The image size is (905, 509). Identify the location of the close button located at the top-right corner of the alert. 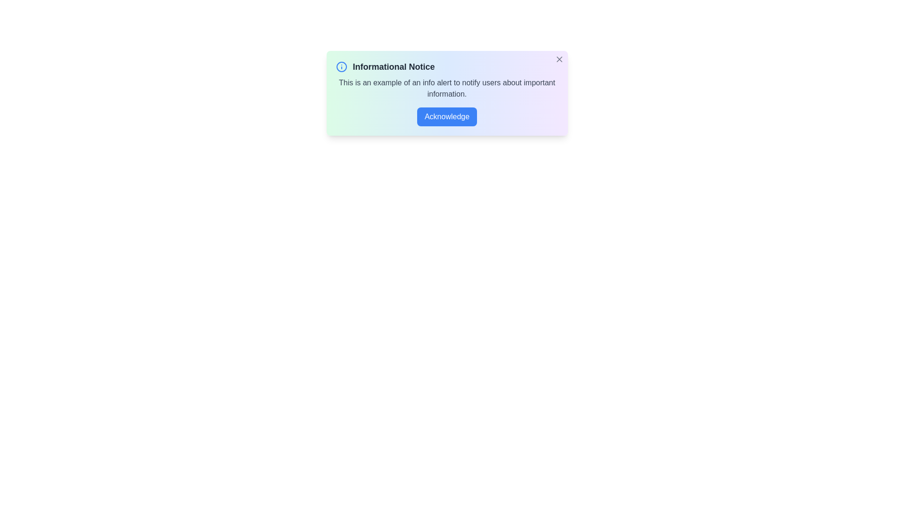
(559, 59).